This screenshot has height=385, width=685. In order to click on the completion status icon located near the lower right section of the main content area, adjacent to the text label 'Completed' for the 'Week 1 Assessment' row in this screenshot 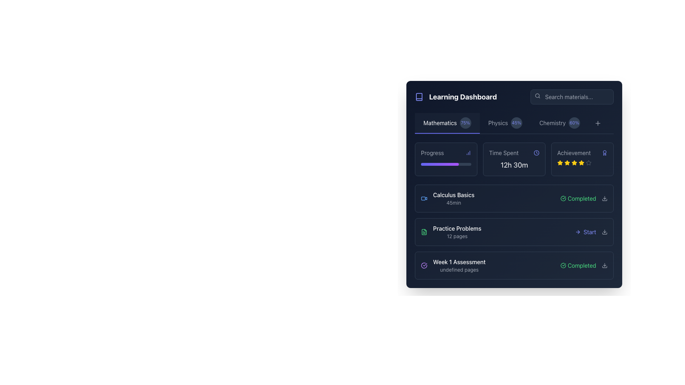, I will do `click(563, 265)`.